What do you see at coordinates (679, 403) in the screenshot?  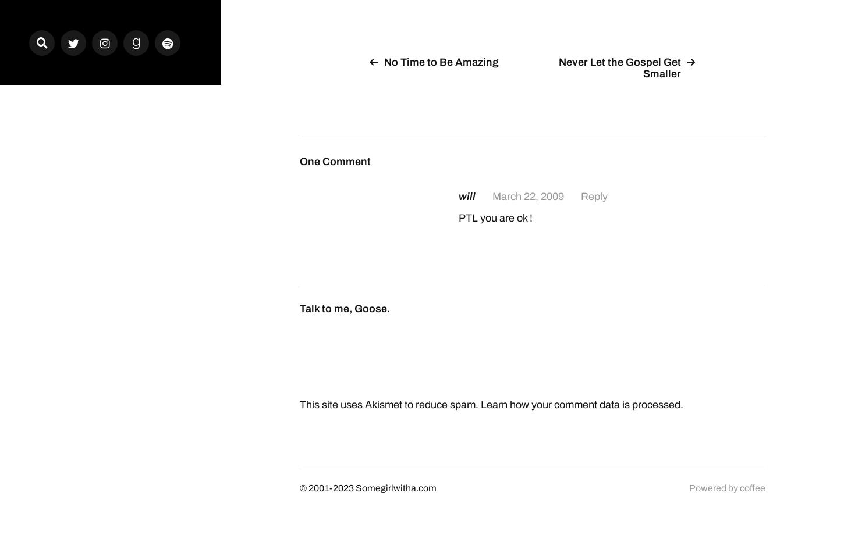 I see `'.'` at bounding box center [679, 403].